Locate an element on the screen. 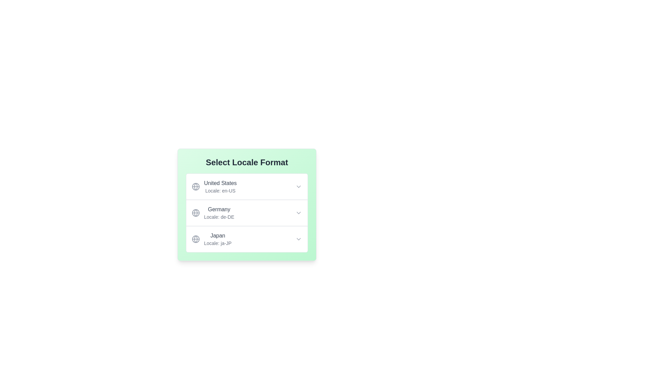 Image resolution: width=654 pixels, height=368 pixels. the Text label displaying the locale identifier ('ja-JP') for Japan, which is located directly below the text 'Japan' in the Japanese locale details section is located at coordinates (217, 243).